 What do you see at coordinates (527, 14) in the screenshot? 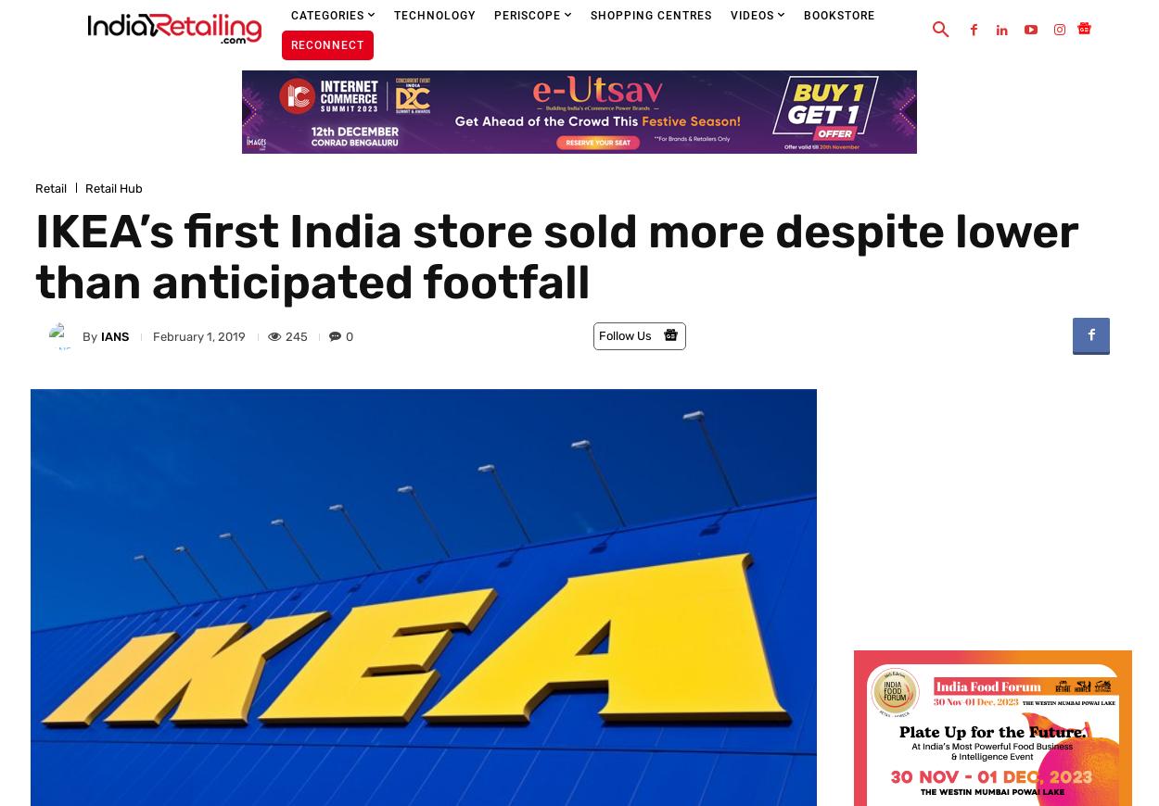
I see `'Periscope'` at bounding box center [527, 14].